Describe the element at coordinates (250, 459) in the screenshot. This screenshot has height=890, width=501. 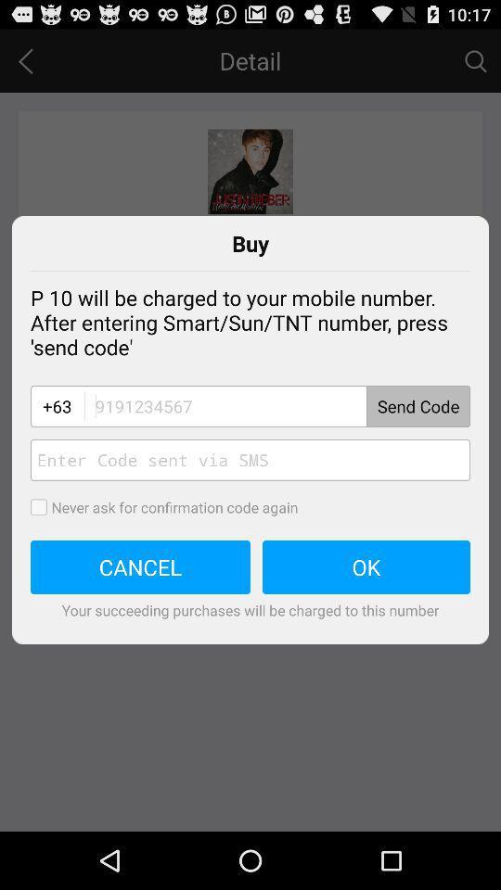
I see `code` at that location.